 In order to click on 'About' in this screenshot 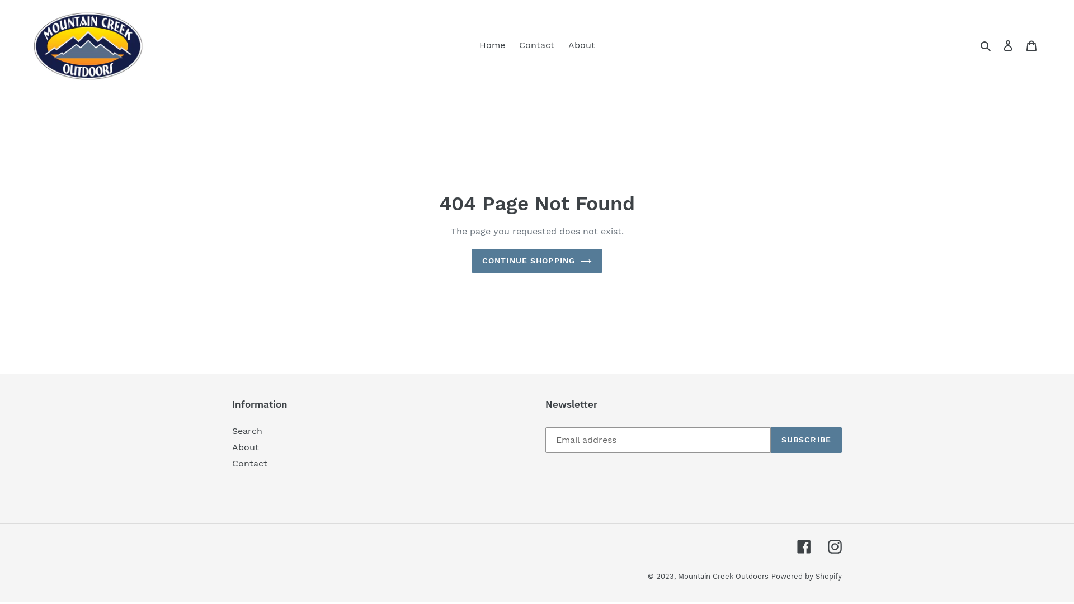, I will do `click(582, 45)`.